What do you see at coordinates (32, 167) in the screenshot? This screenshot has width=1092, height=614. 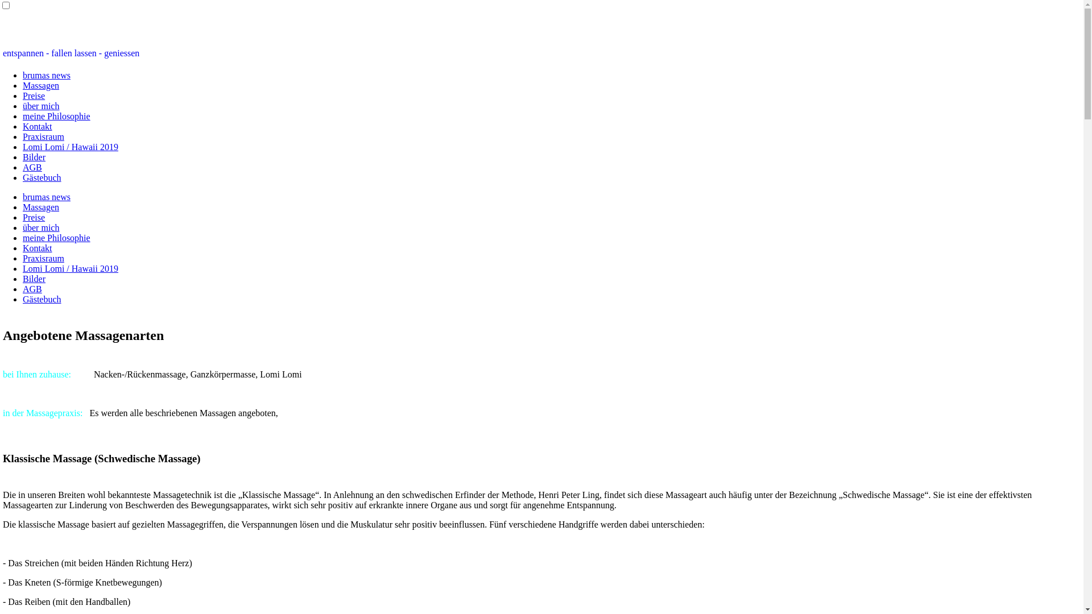 I see `'AGB'` at bounding box center [32, 167].